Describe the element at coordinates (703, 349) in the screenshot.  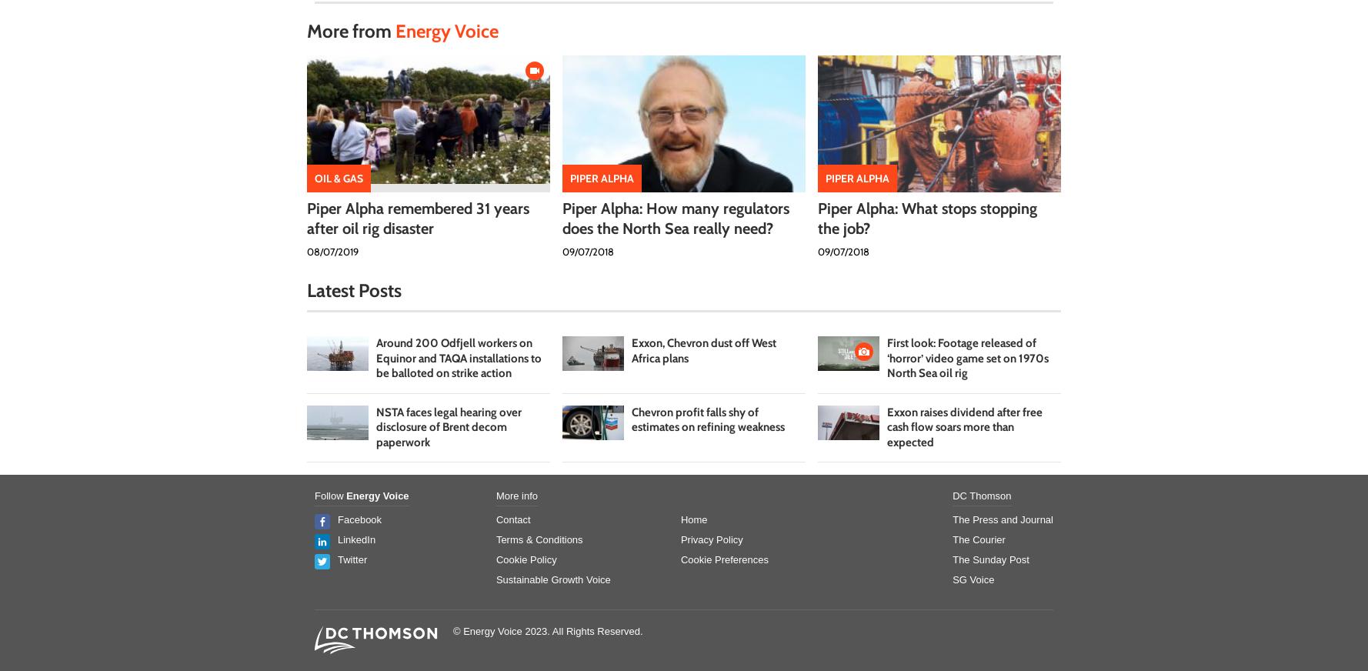
I see `'Exxon, Chevron dust off West Africa plans'` at that location.